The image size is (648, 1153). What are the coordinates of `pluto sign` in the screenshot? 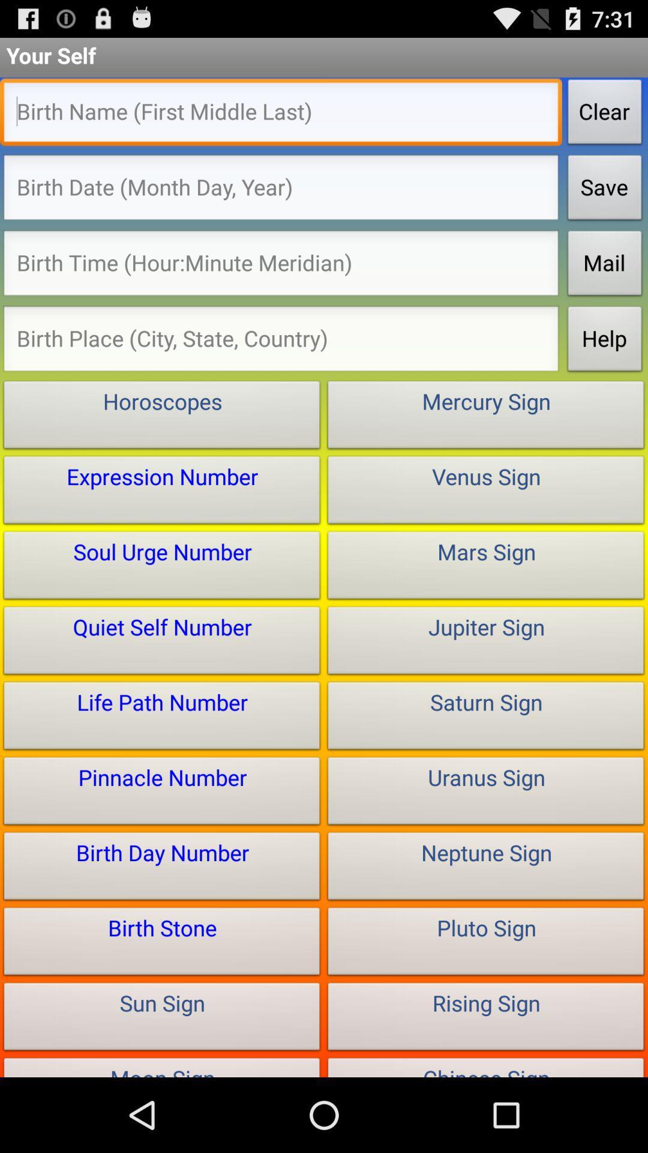 It's located at (486, 943).